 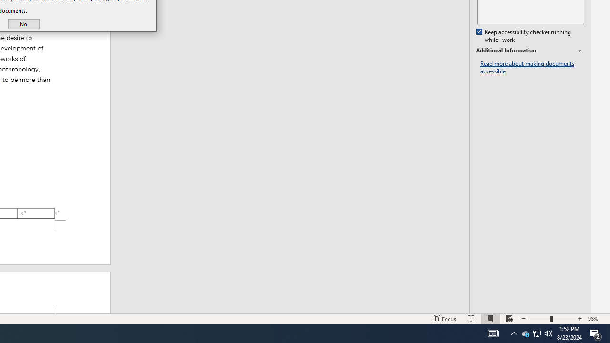 I want to click on 'Additional Information', so click(x=529, y=50).